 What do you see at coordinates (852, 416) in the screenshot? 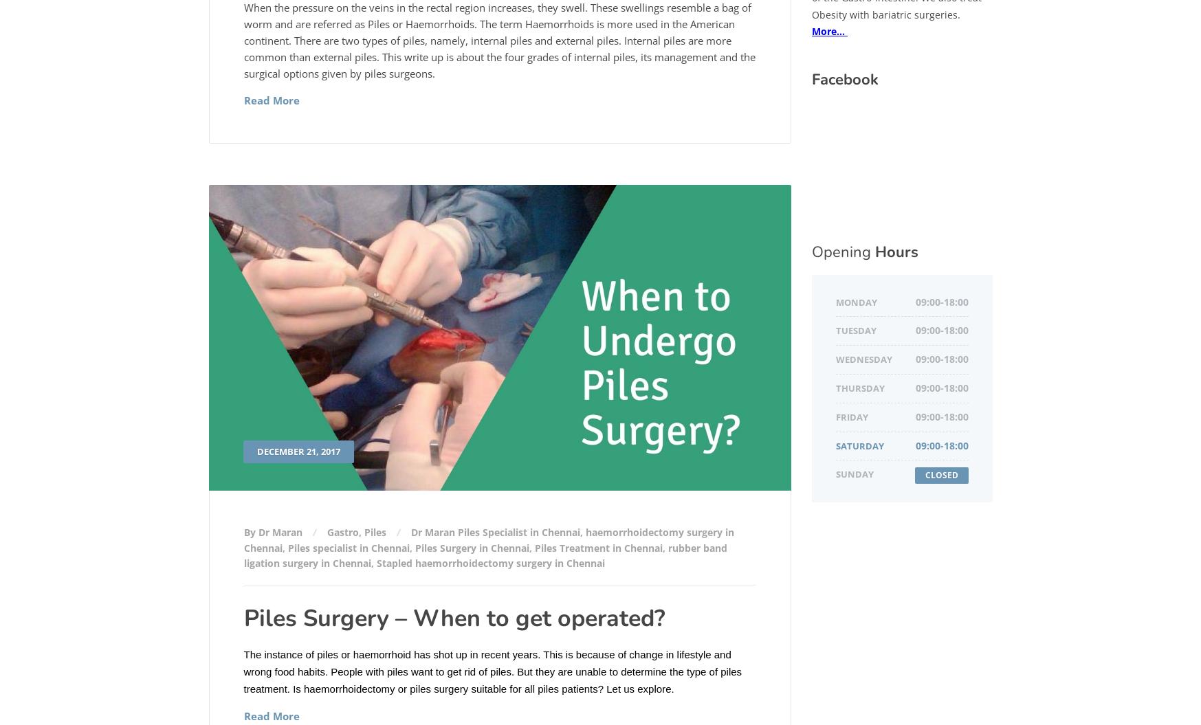
I see `'Friday'` at bounding box center [852, 416].